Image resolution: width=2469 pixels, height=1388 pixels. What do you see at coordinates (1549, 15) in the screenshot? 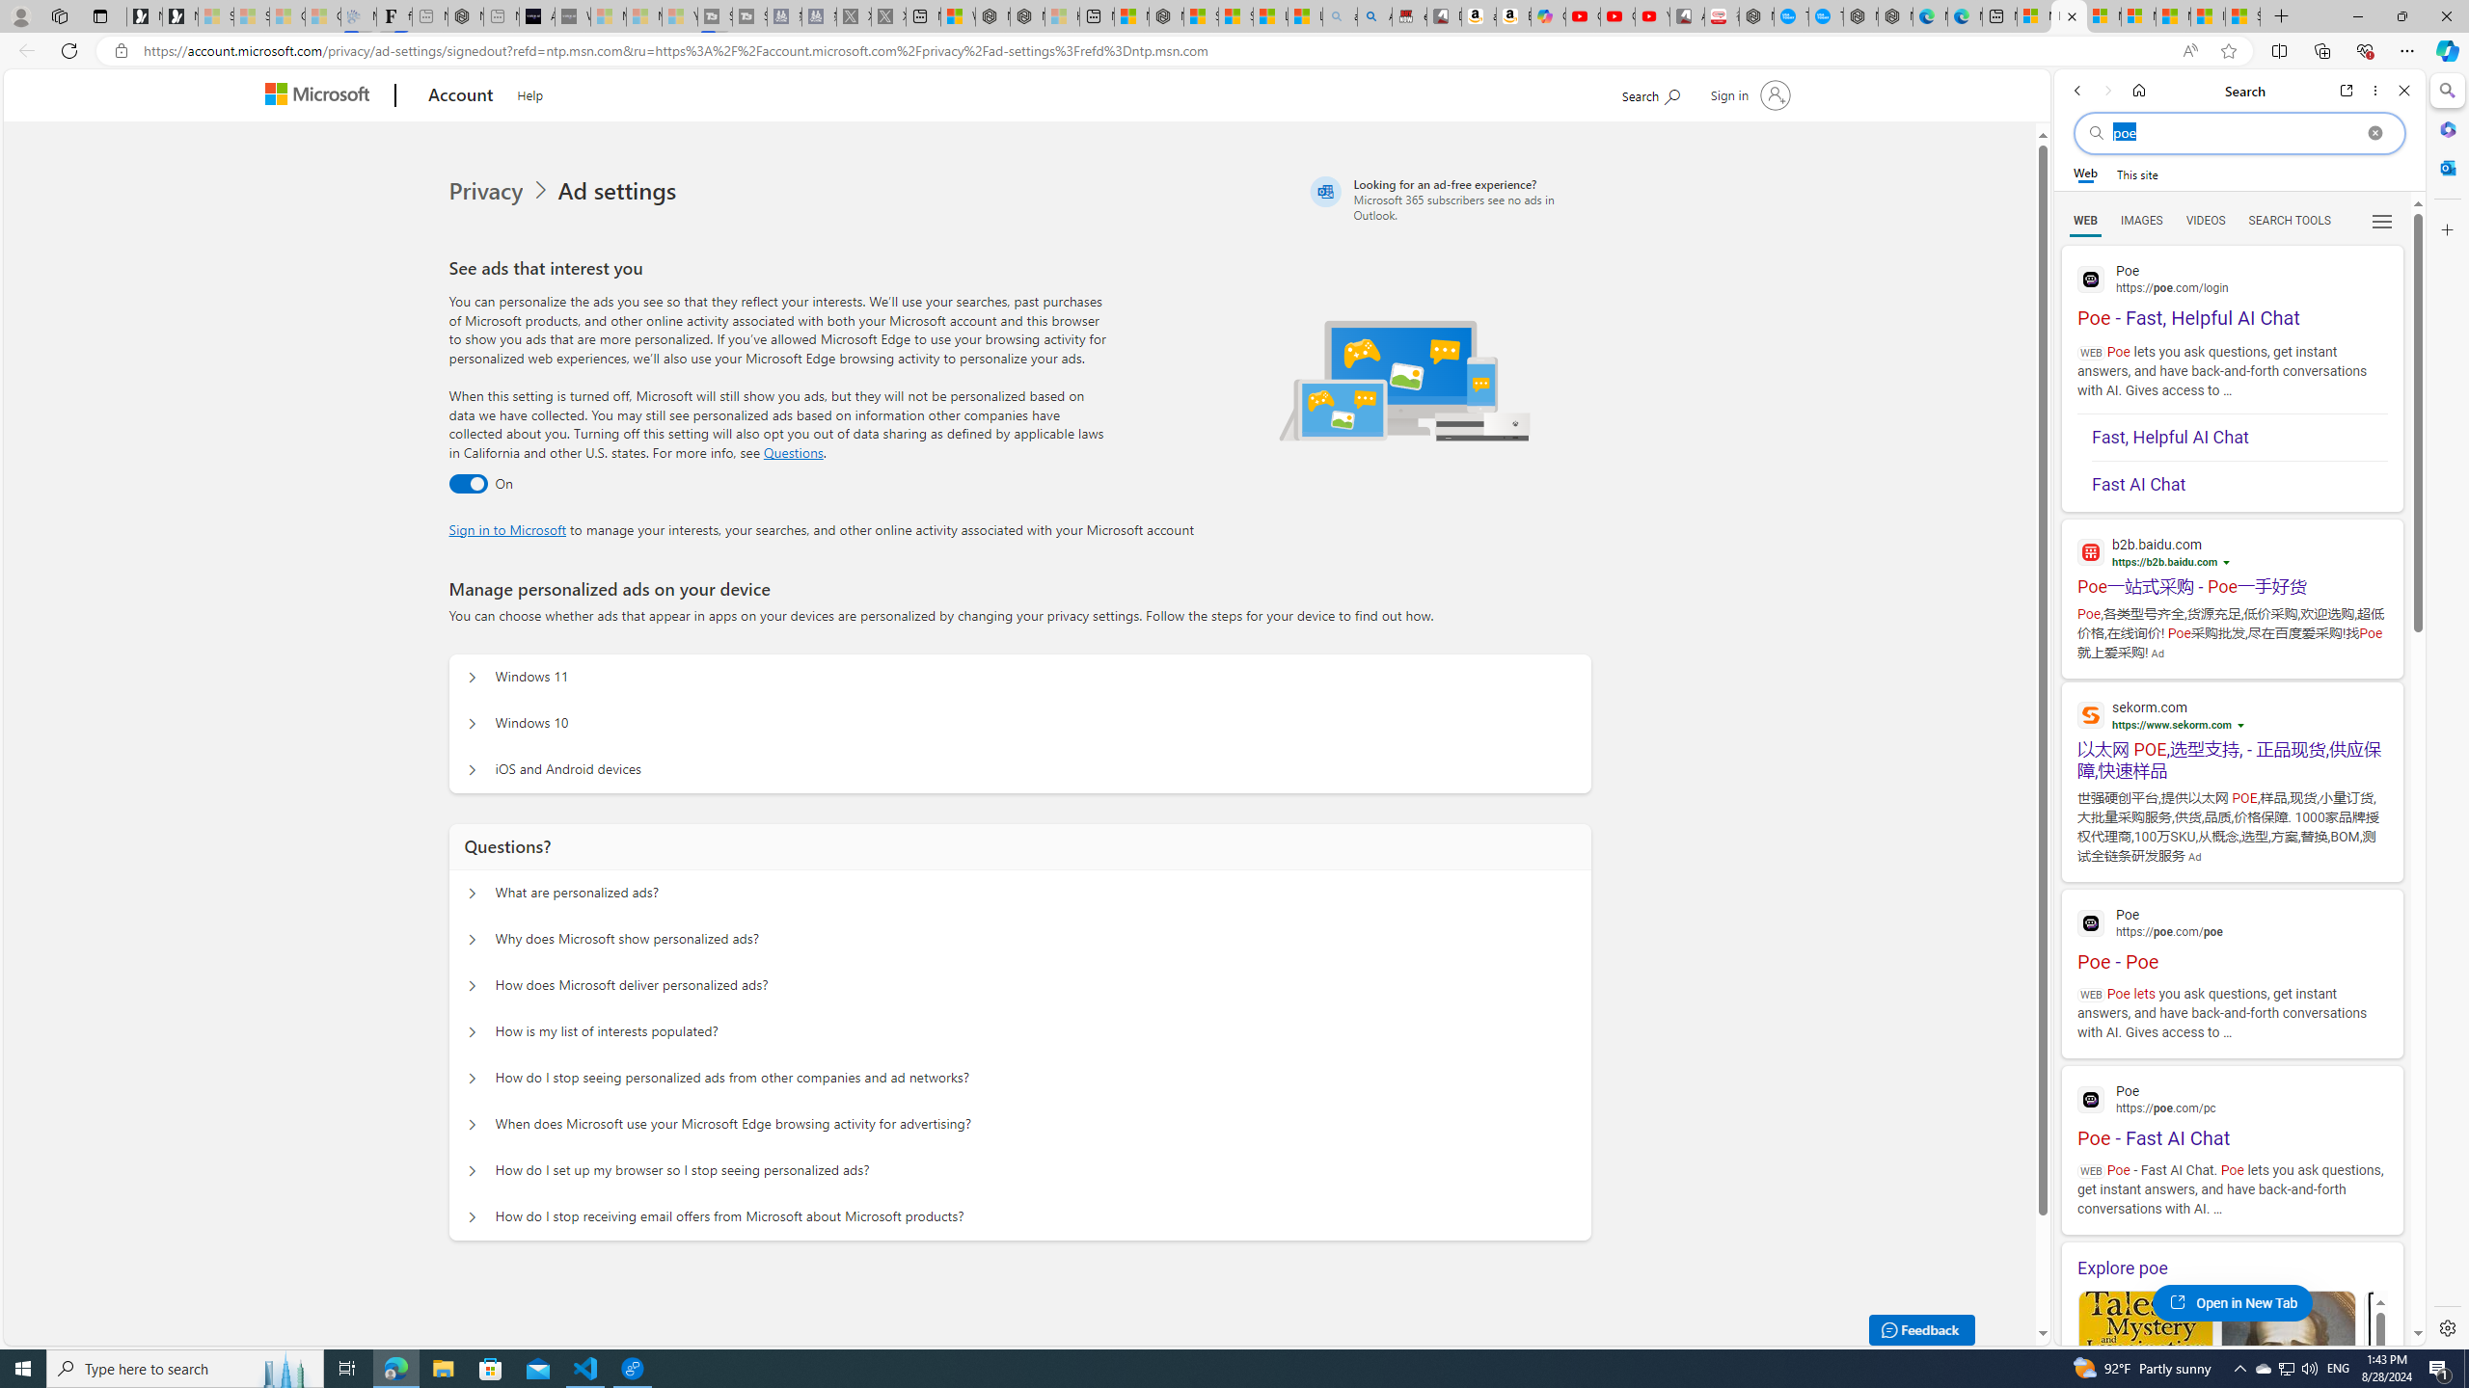
I see `'Copilot'` at bounding box center [1549, 15].